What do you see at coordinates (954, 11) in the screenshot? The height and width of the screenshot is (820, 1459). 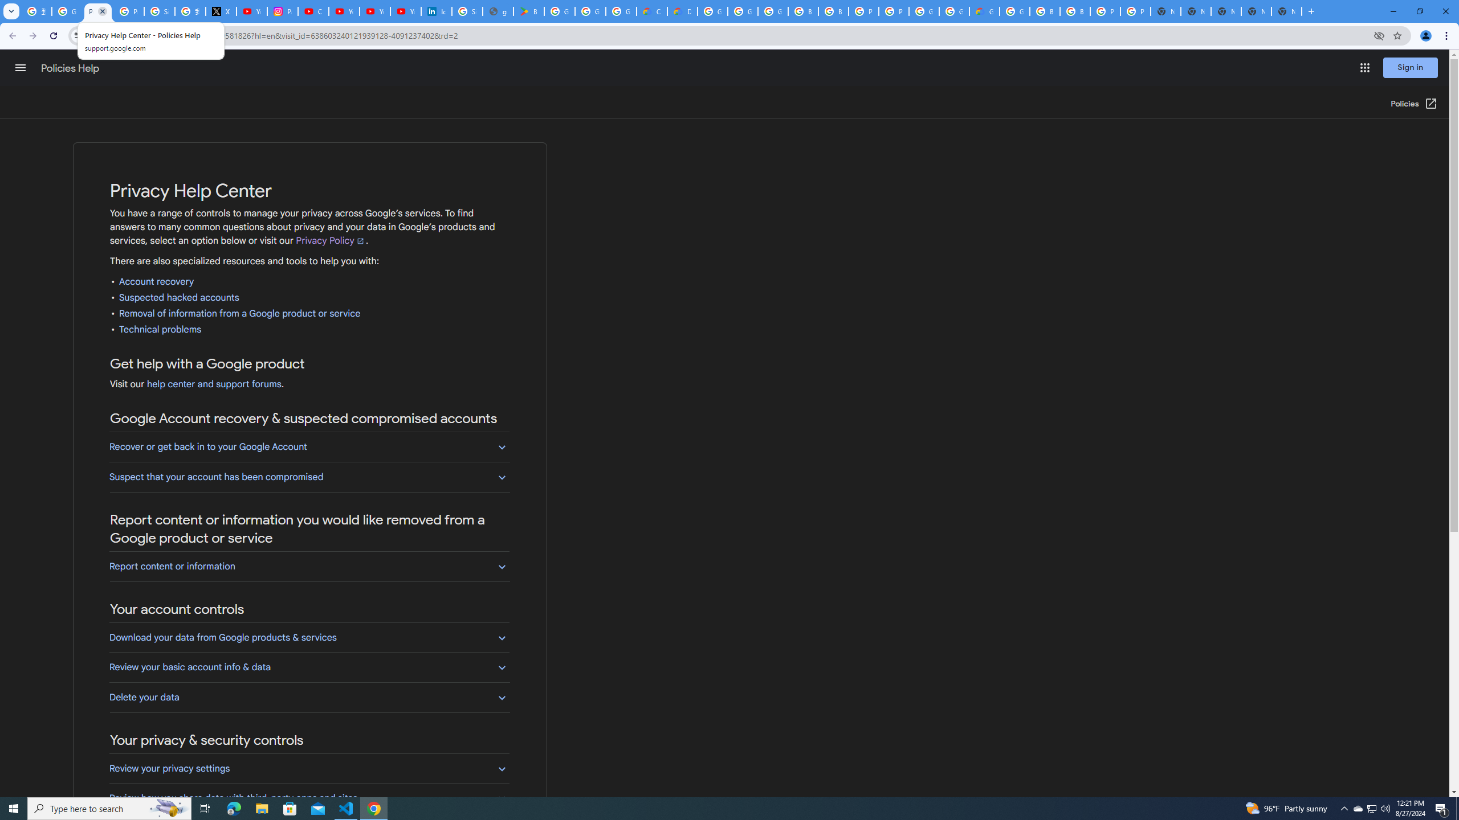 I see `'Google Cloud Platform'` at bounding box center [954, 11].